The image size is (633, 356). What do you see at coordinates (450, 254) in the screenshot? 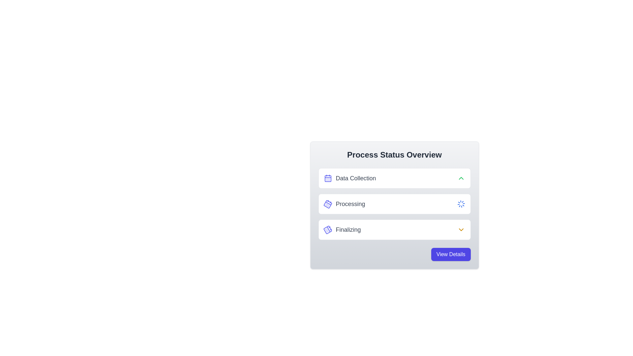
I see `the 'View Details' button located at the bottom right corner of the 'Process Status Overview' card` at bounding box center [450, 254].